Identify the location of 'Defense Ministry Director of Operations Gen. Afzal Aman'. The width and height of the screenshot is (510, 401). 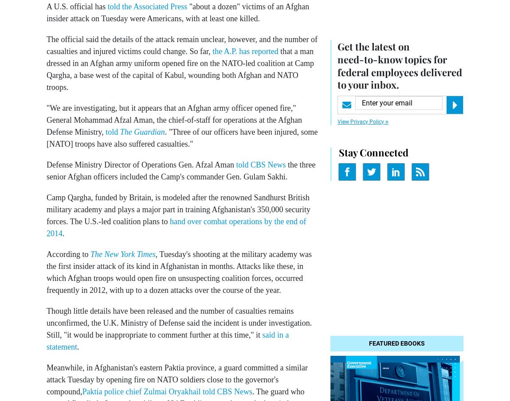
(141, 164).